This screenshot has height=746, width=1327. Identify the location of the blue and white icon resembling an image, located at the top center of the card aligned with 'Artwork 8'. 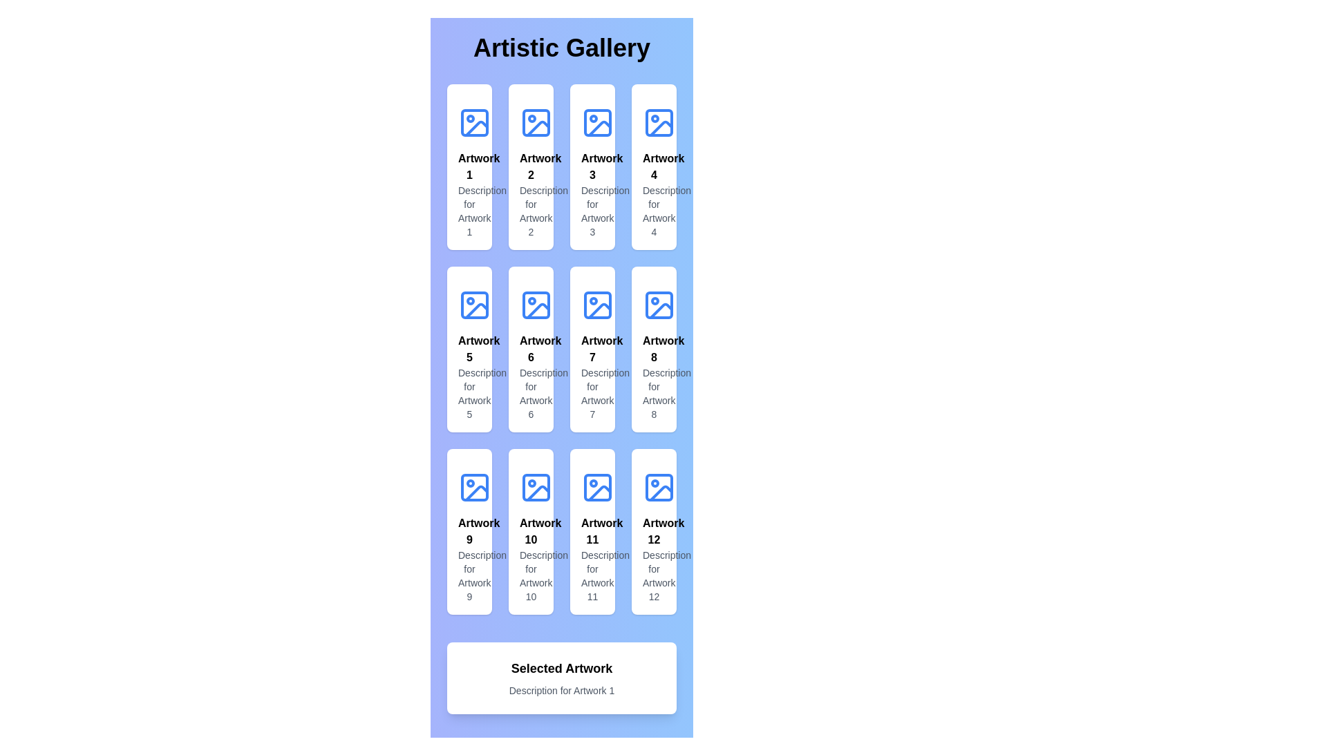
(659, 305).